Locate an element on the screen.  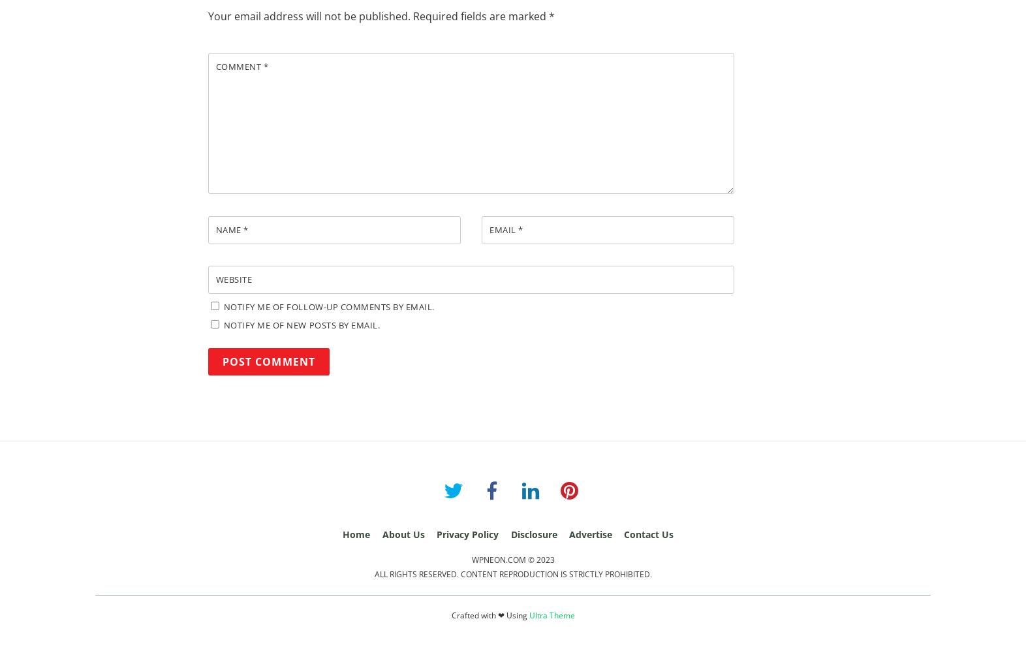
'Name' is located at coordinates (229, 229).